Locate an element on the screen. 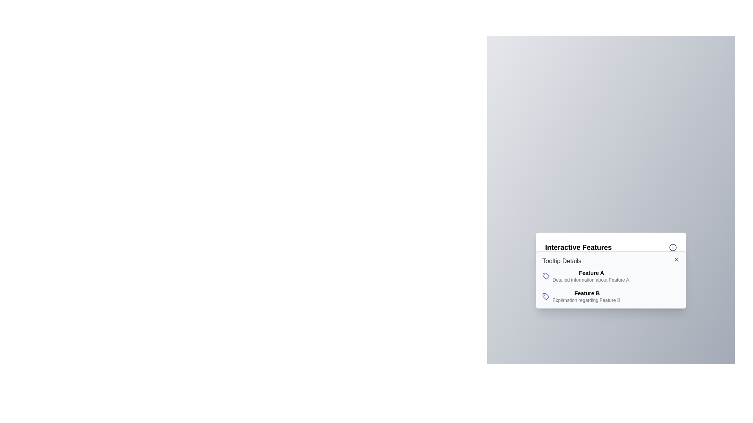  the 'Interactive Features' heading with an informational icon is located at coordinates (611, 248).